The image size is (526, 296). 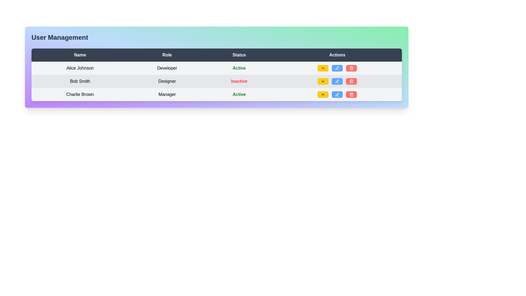 What do you see at coordinates (239, 68) in the screenshot?
I see `the 'Active' text label in bold green font located in the 'Status' column of the table, indicating an active status for the Developer role` at bounding box center [239, 68].